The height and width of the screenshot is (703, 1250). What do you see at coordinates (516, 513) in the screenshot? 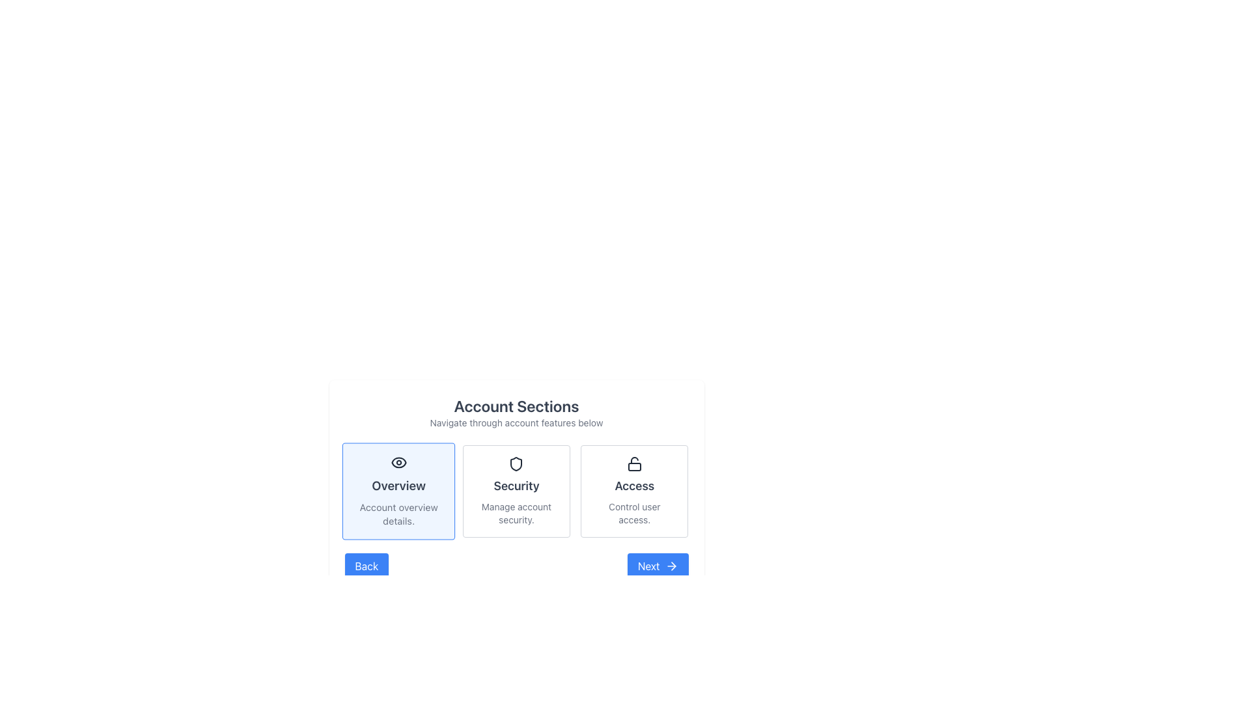
I see `the descriptive text label related to the 'Security' section that provides guidance on managing account security settings, located below the 'Security' title and icon` at bounding box center [516, 513].